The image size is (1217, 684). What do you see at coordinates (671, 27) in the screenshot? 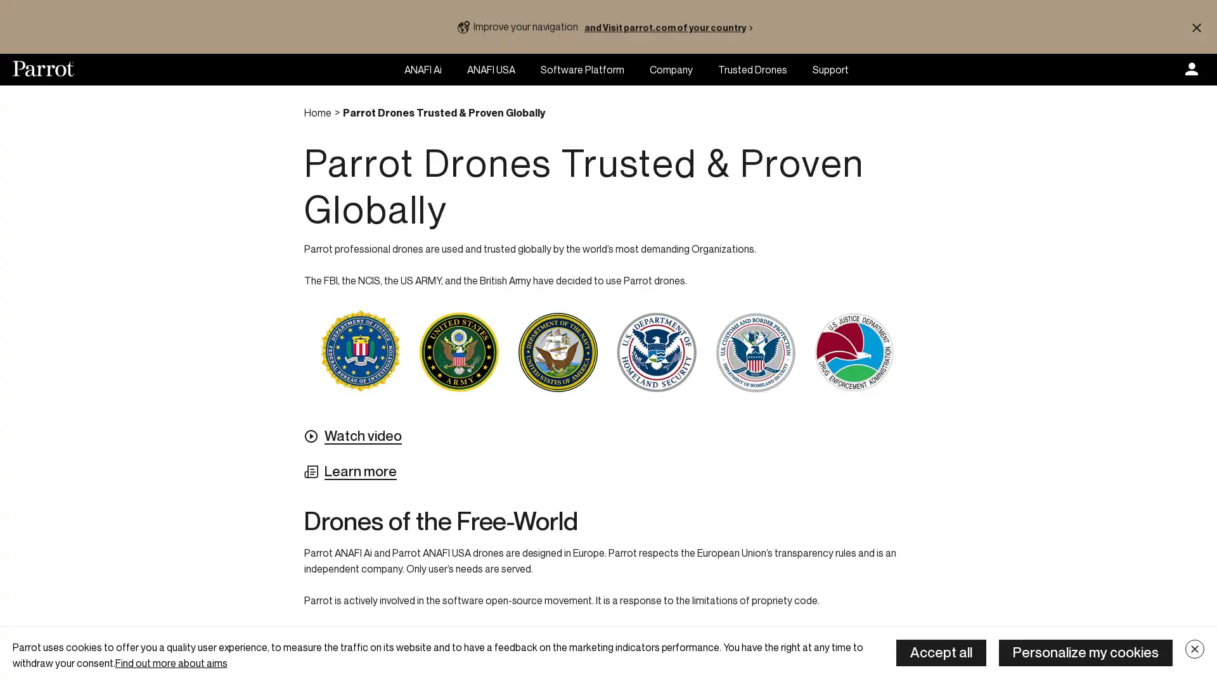
I see `and Visit parrot.com of your country go to my shop` at bounding box center [671, 27].